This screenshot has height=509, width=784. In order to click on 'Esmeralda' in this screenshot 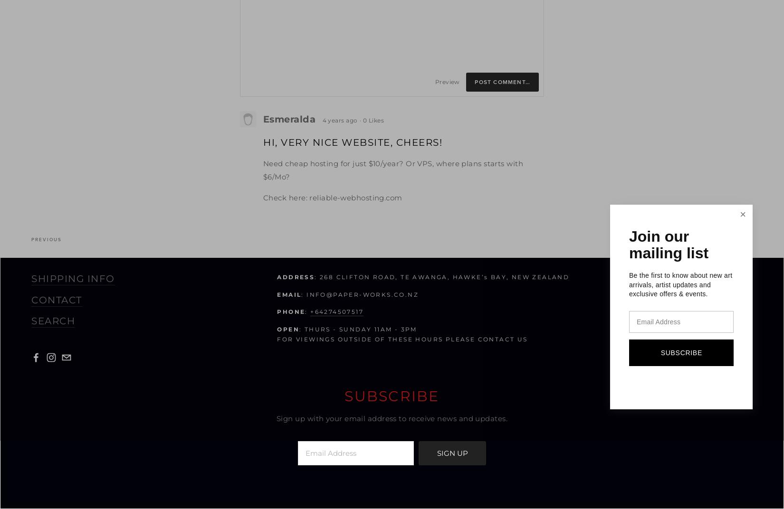, I will do `click(289, 118)`.